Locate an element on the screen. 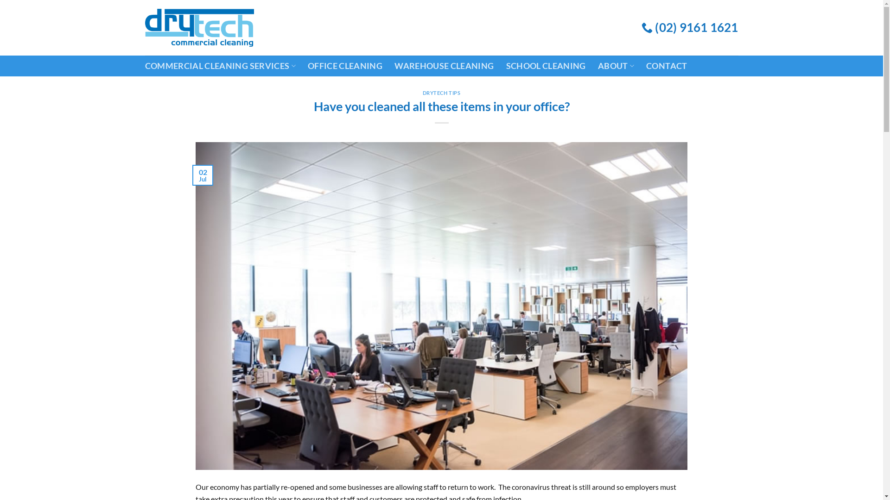 The image size is (890, 500). 'CONTACT' is located at coordinates (666, 65).